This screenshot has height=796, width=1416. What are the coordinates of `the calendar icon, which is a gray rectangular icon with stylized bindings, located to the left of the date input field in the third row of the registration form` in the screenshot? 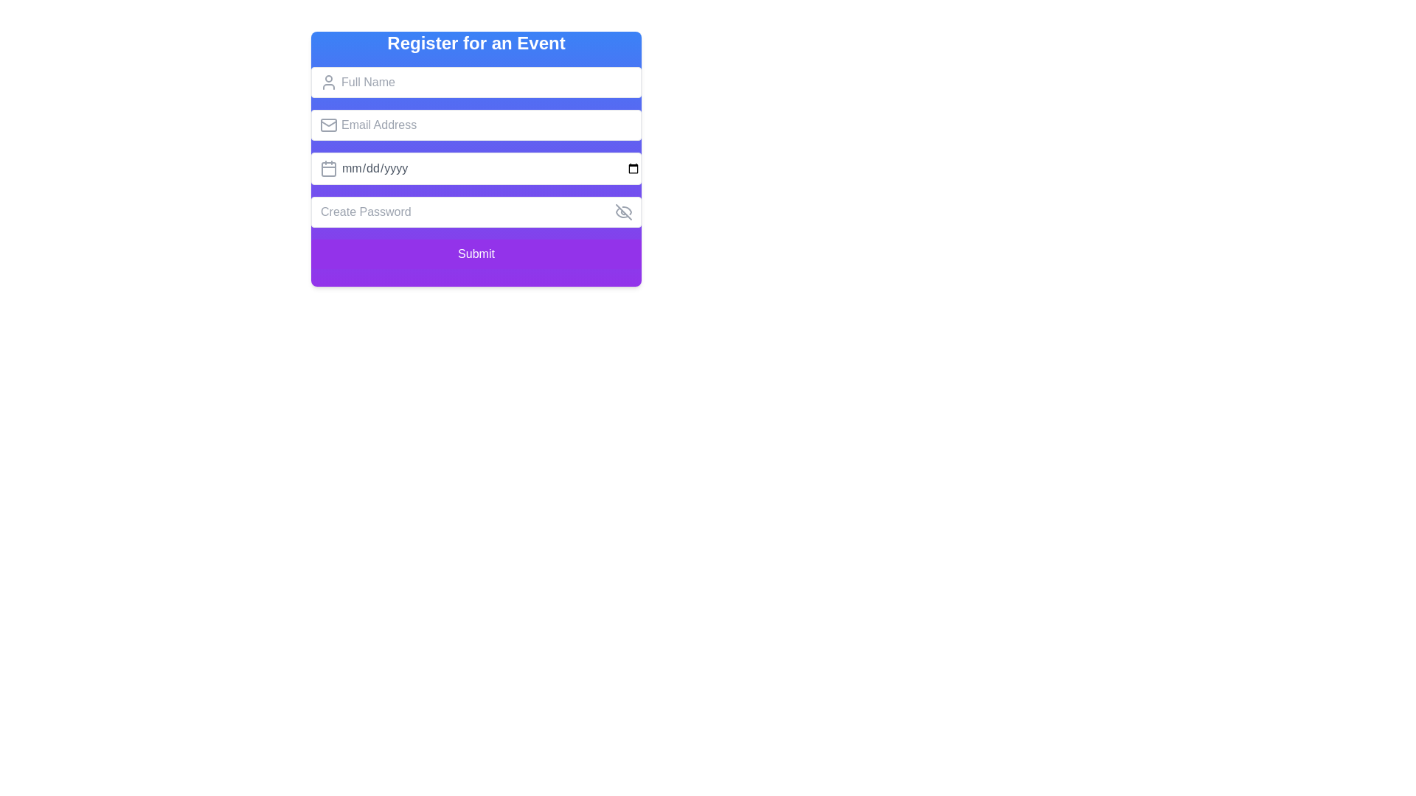 It's located at (328, 167).